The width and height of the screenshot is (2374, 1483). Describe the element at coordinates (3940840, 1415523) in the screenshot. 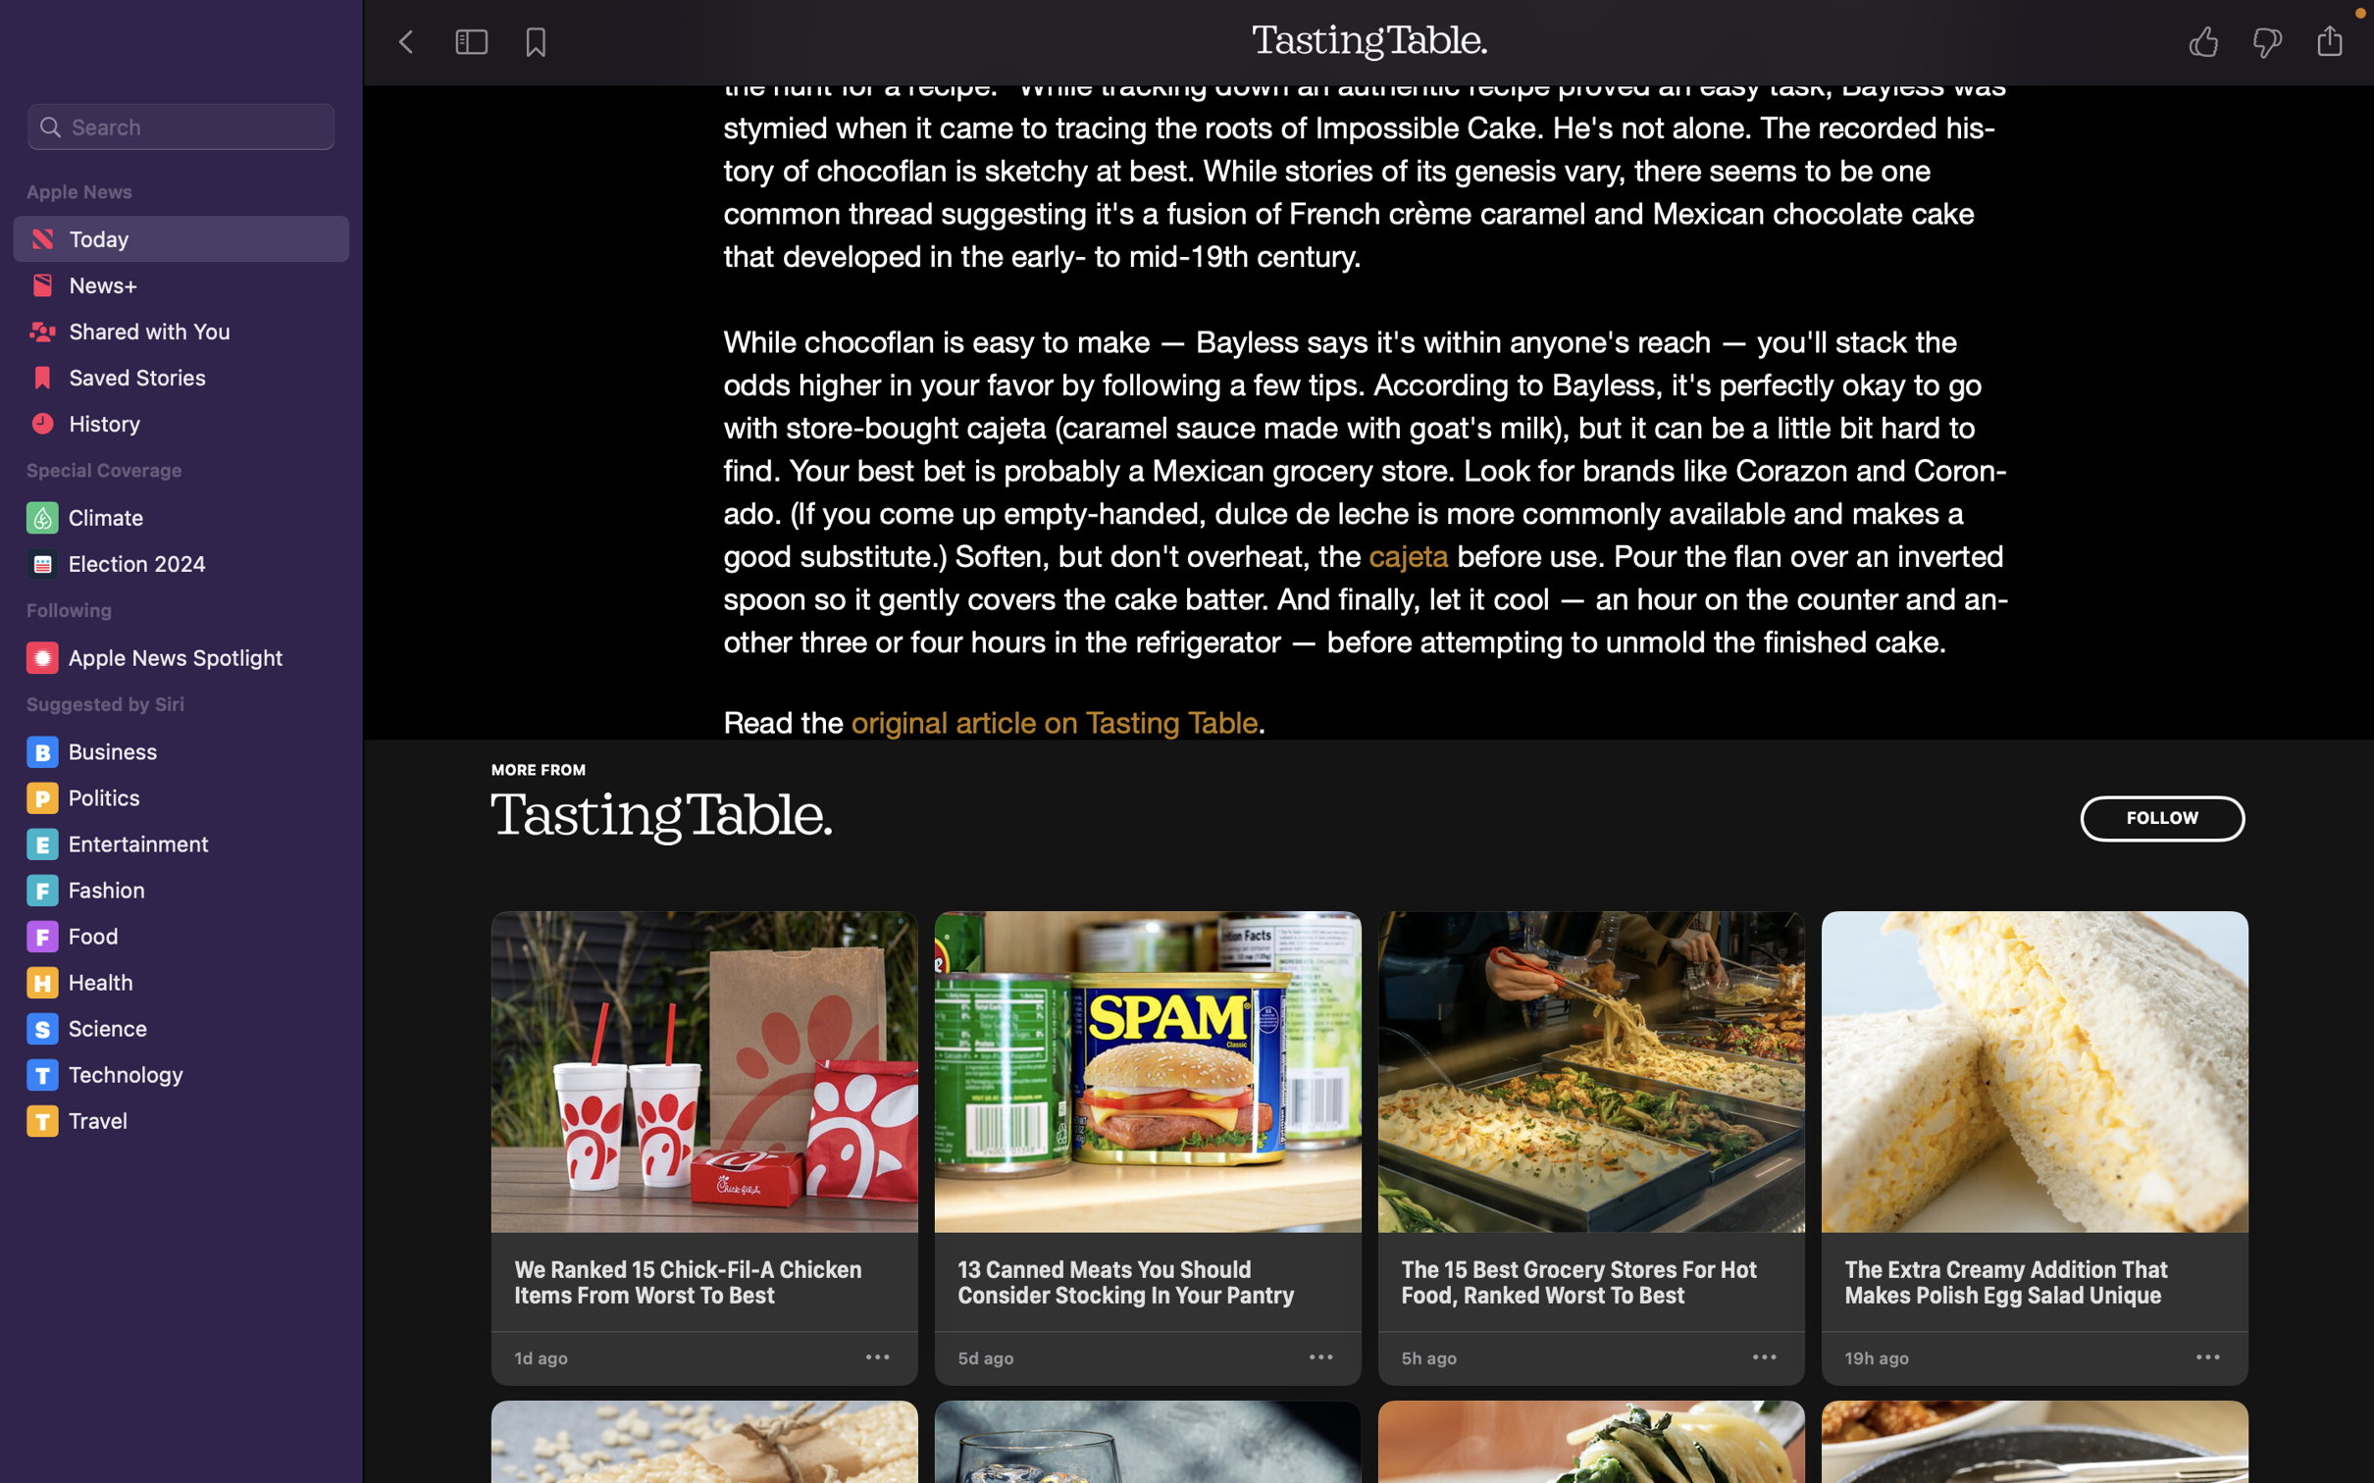

I see `the next set of stories by scrolling down` at that location.